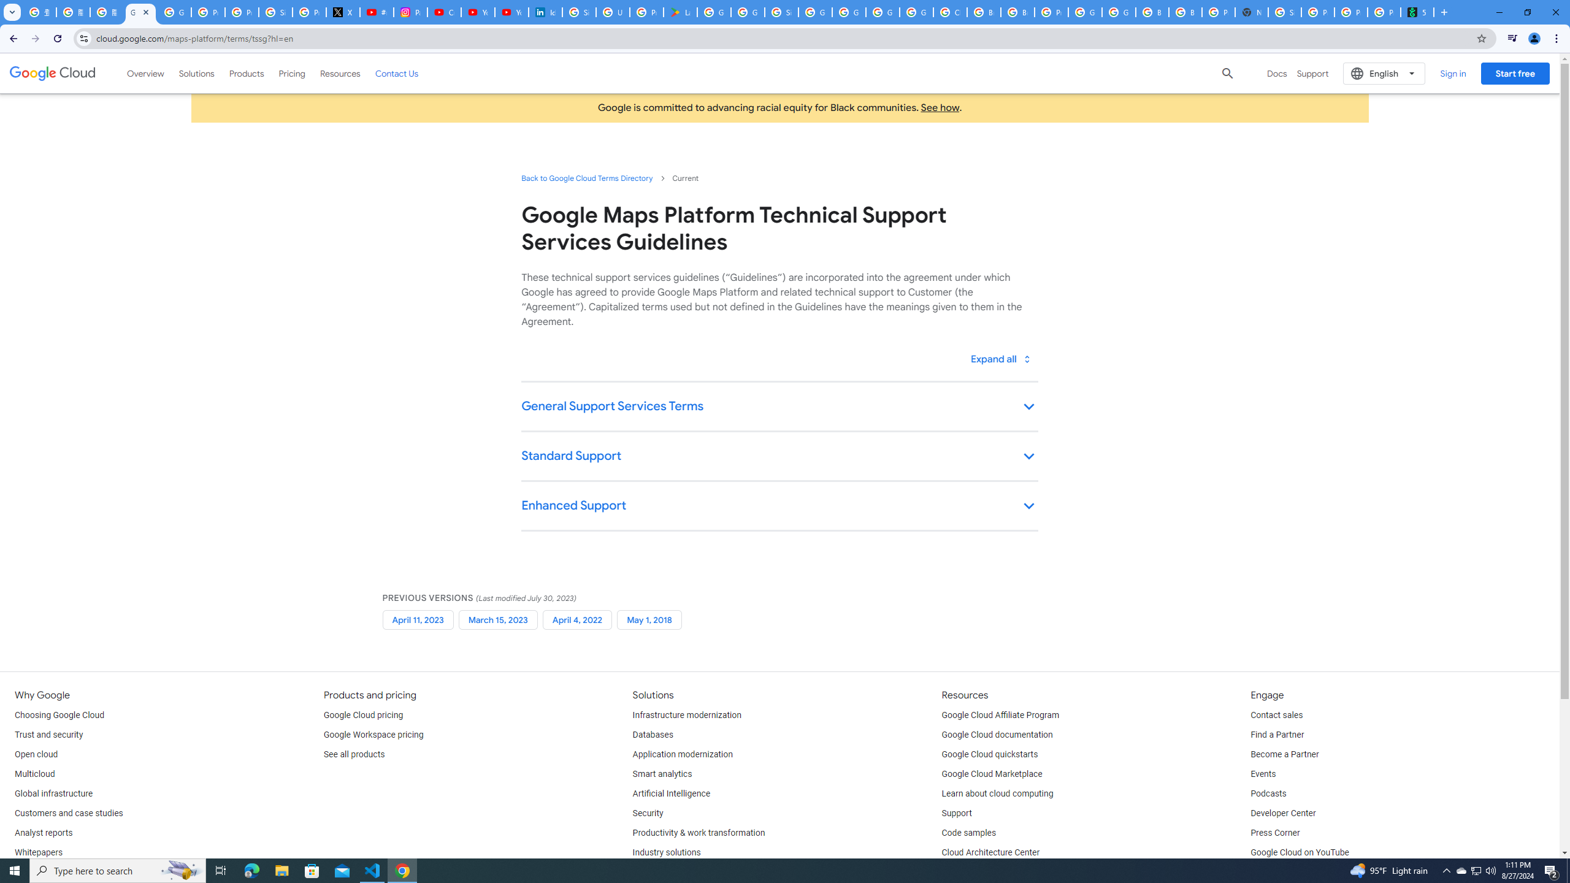 This screenshot has width=1570, height=883. I want to click on 'Security', so click(648, 812).